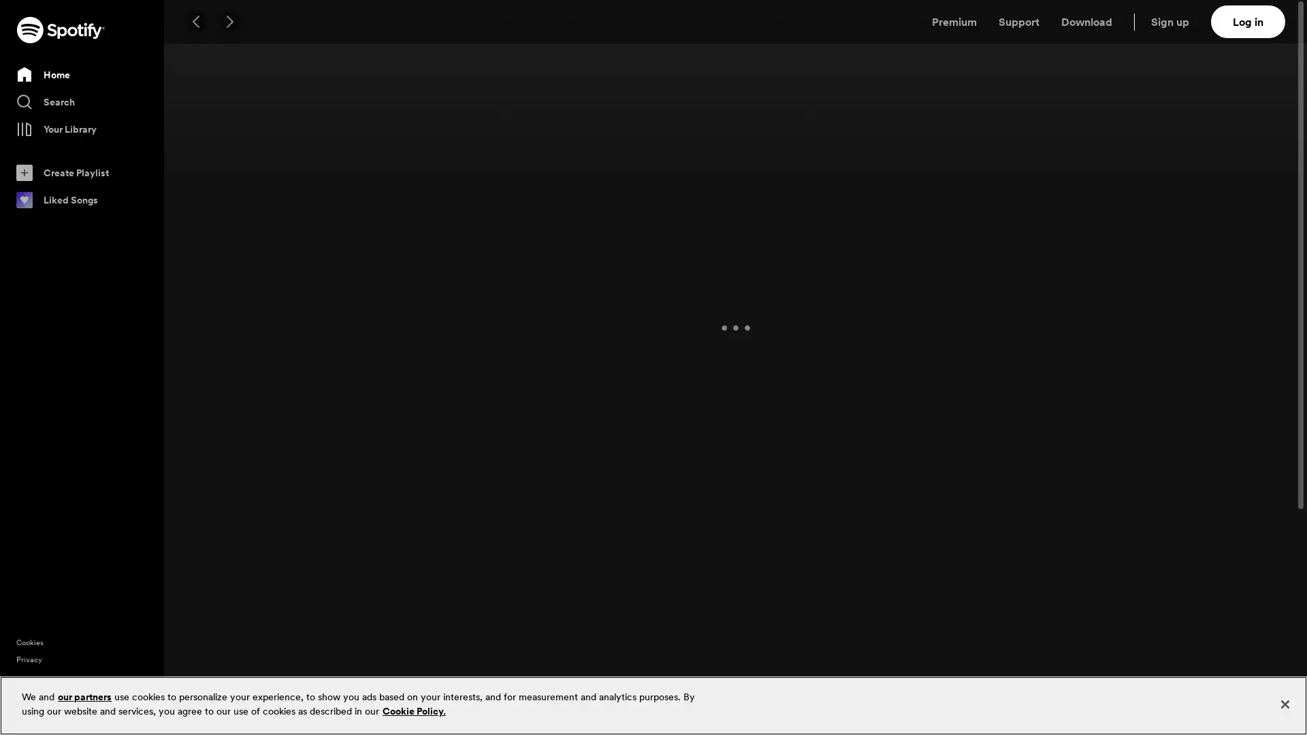  I want to click on Play Mood Booster, so click(274, 684).